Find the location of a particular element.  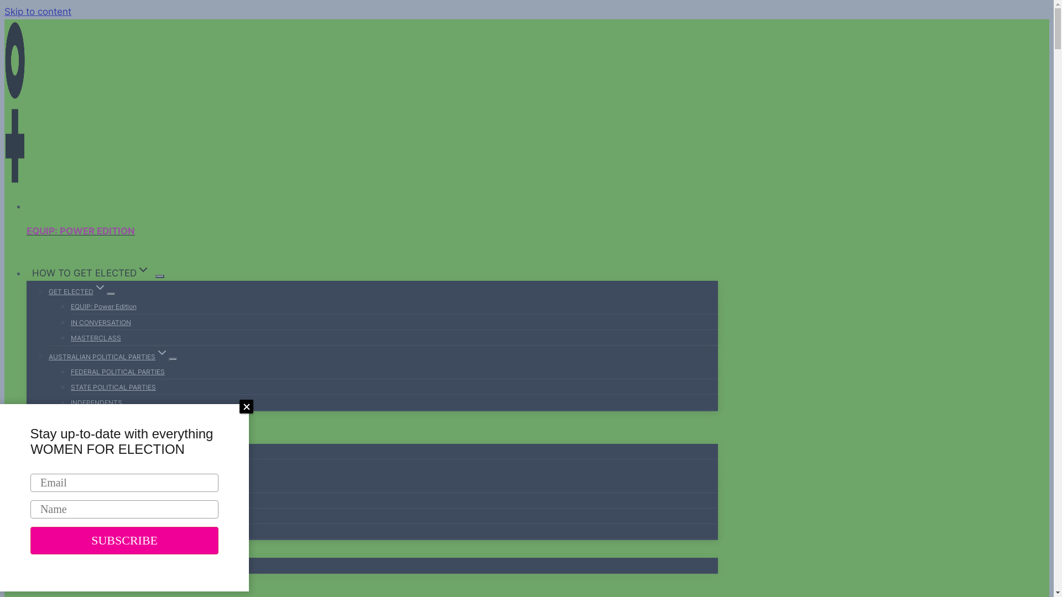

'MASTERCLASS' is located at coordinates (96, 337).